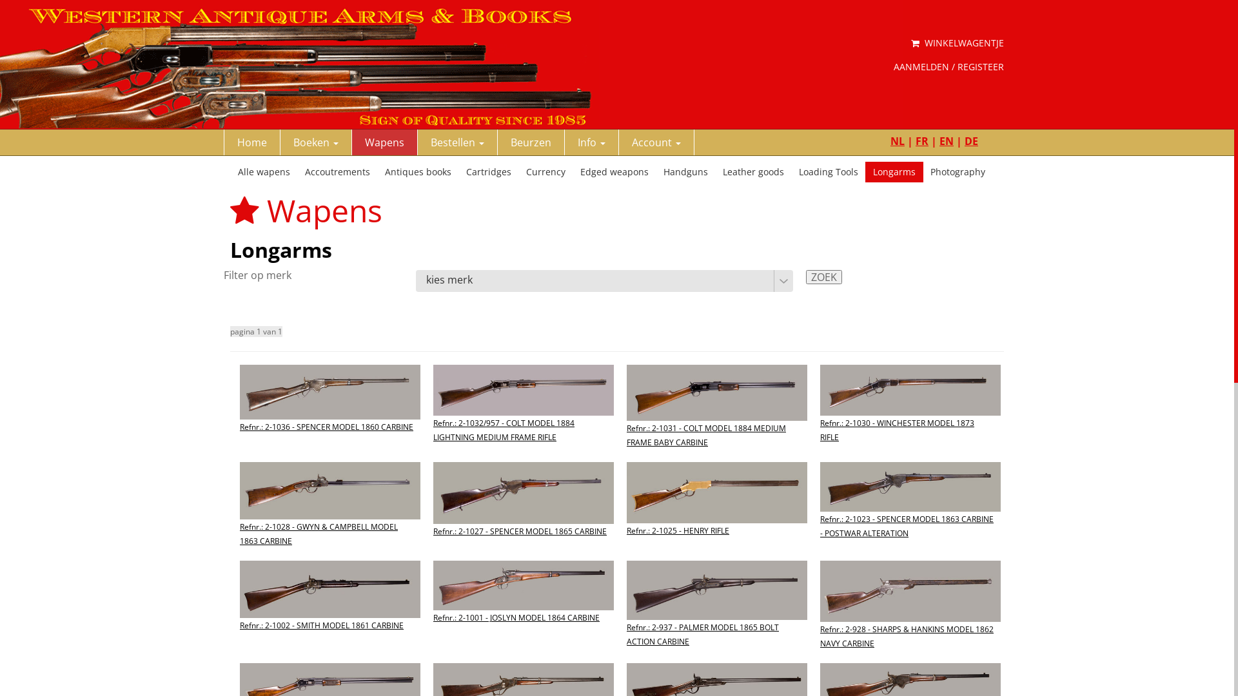 Image resolution: width=1238 pixels, height=696 pixels. Describe the element at coordinates (971, 141) in the screenshot. I see `'DE'` at that location.